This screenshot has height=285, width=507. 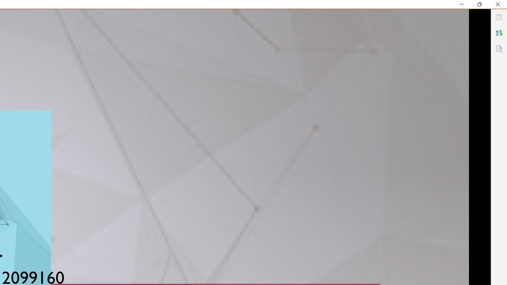 I want to click on 'Translator', so click(x=499, y=32).